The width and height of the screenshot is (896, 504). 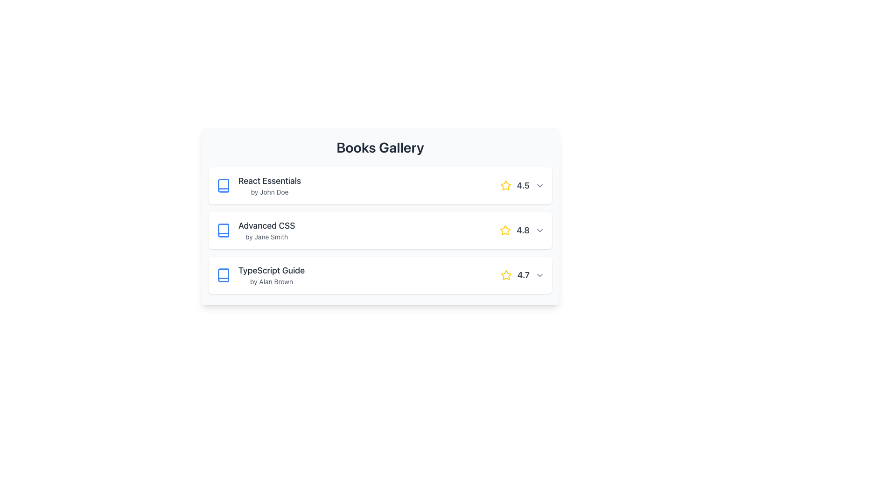 What do you see at coordinates (223, 230) in the screenshot?
I see `the book icon representing the 'Advanced CSS' entry in the list, which is located to the left of the text 'Advanced CSS' and 'by Jane Smith'` at bounding box center [223, 230].